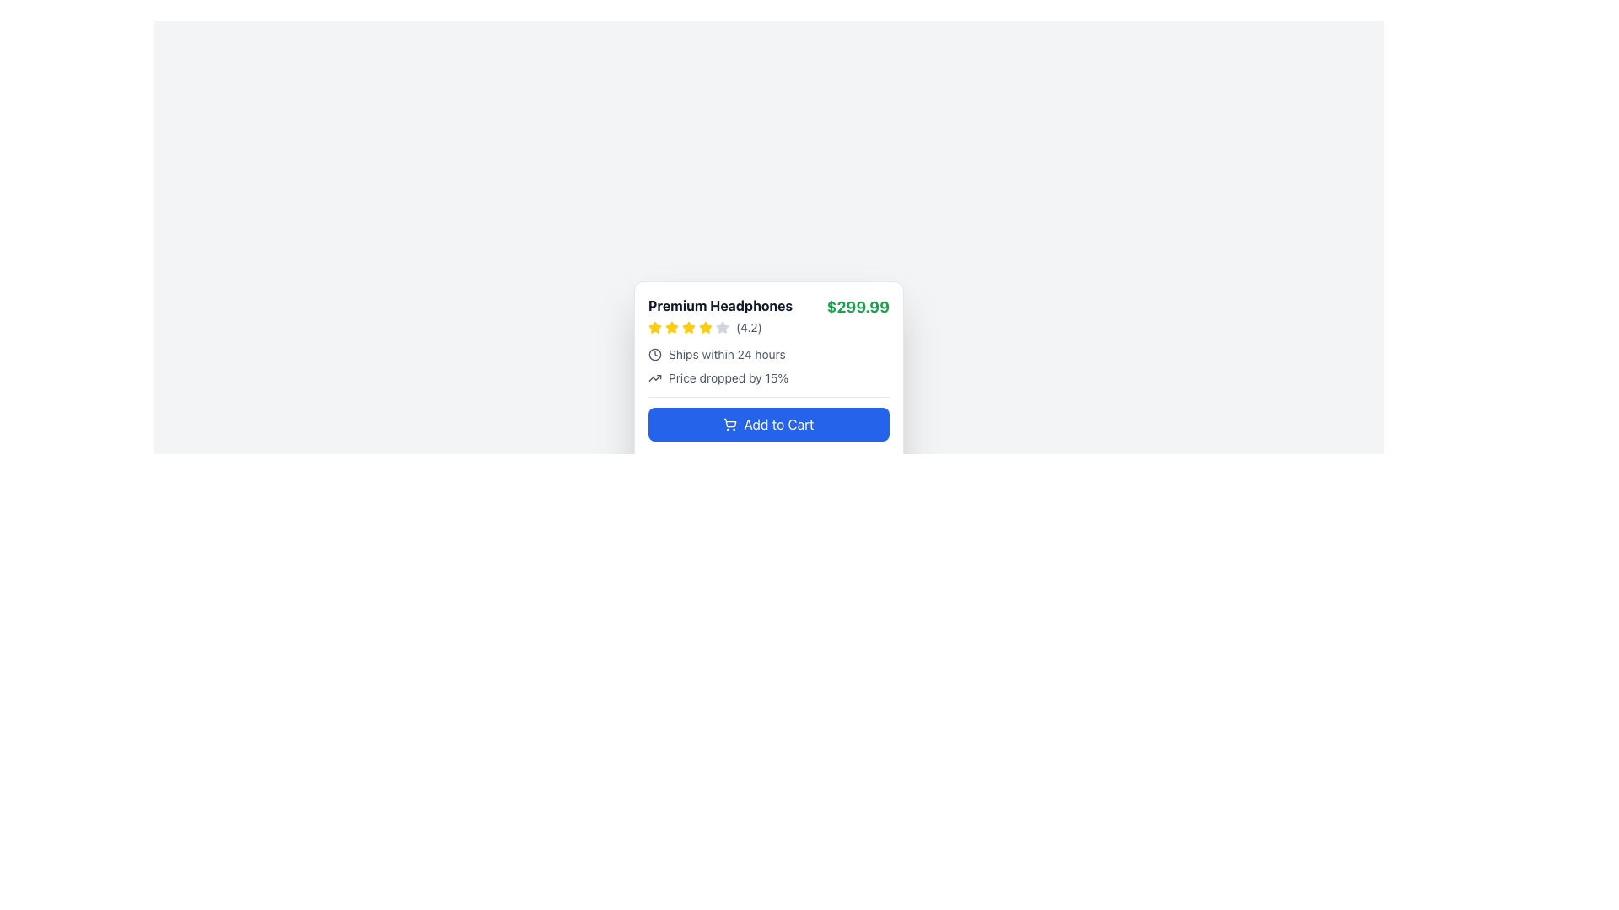 The width and height of the screenshot is (1619, 910). What do you see at coordinates (670, 327) in the screenshot?
I see `the first Star icon in the rating system to interact with it and provide a rating` at bounding box center [670, 327].